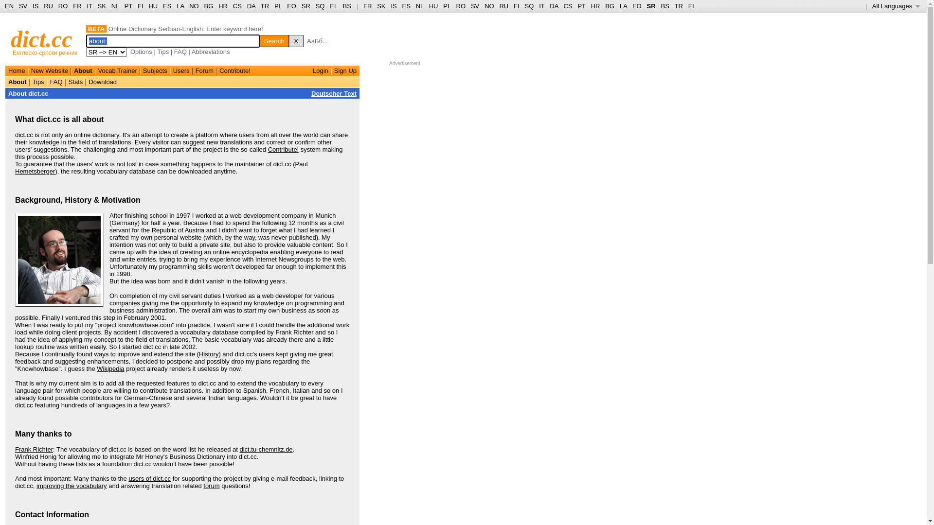  What do you see at coordinates (110, 368) in the screenshot?
I see `'Wikipedia'` at bounding box center [110, 368].